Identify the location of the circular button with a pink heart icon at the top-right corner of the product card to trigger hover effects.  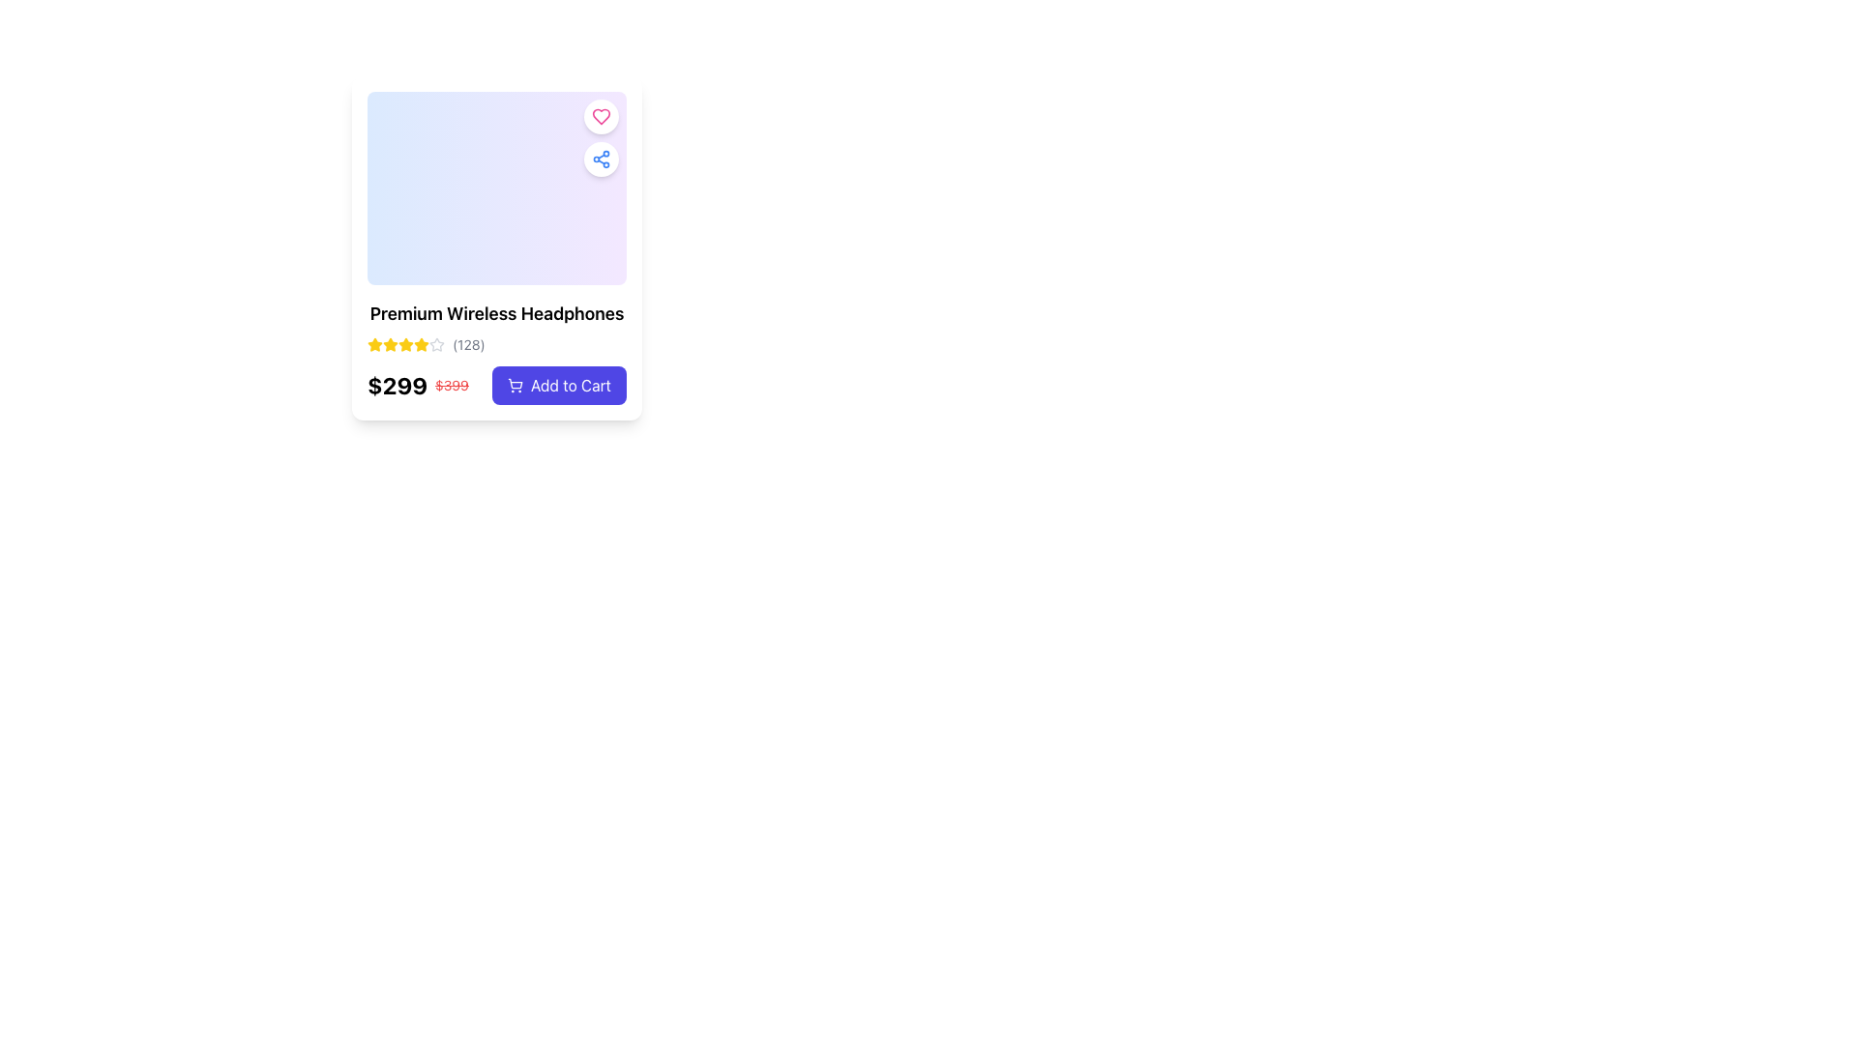
(601, 116).